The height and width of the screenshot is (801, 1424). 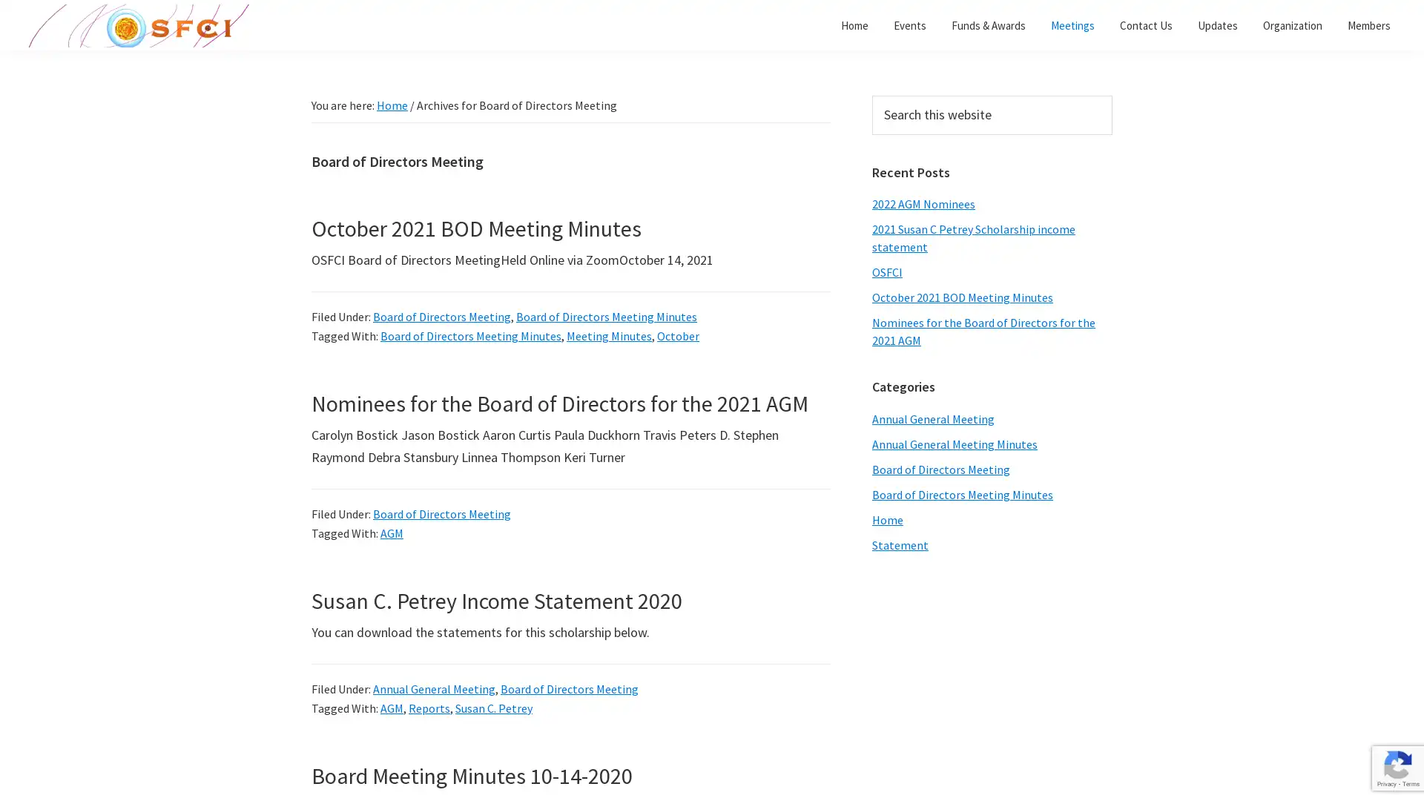 What do you see at coordinates (1112, 95) in the screenshot?
I see `Search` at bounding box center [1112, 95].